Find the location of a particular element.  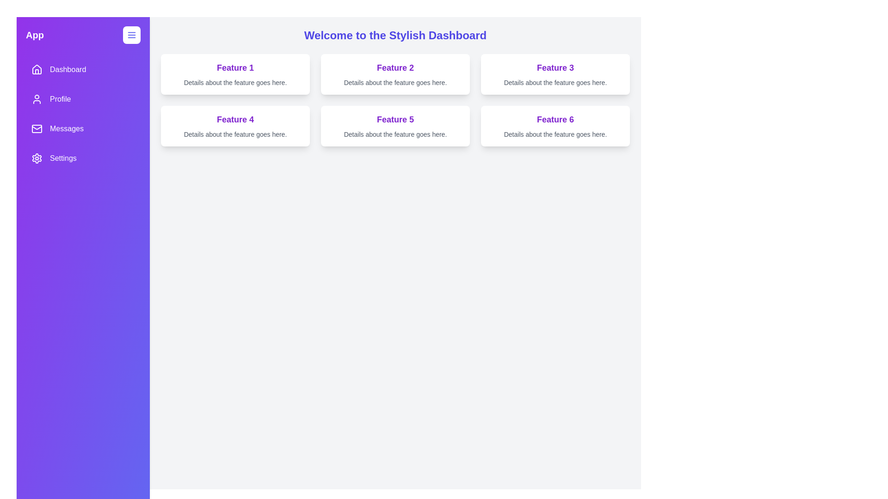

the informational card labeled 'Feature 1', located in the top-left corner of a 2-row by 3-column grid layout, directly below the header text 'Welcome to the Stylish Dashboard' is located at coordinates (235, 74).